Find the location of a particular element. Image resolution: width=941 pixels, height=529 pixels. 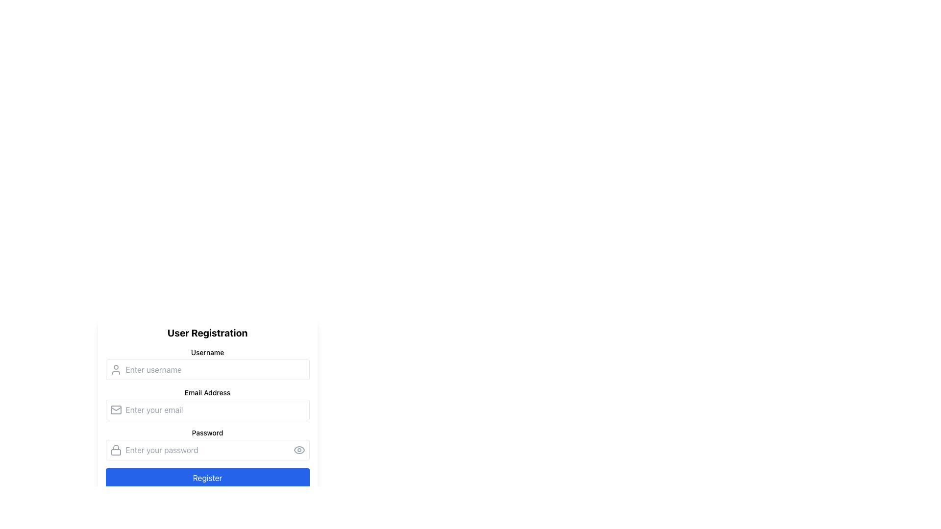

the Password input field to focus on it for entering a password during registration is located at coordinates (207, 444).